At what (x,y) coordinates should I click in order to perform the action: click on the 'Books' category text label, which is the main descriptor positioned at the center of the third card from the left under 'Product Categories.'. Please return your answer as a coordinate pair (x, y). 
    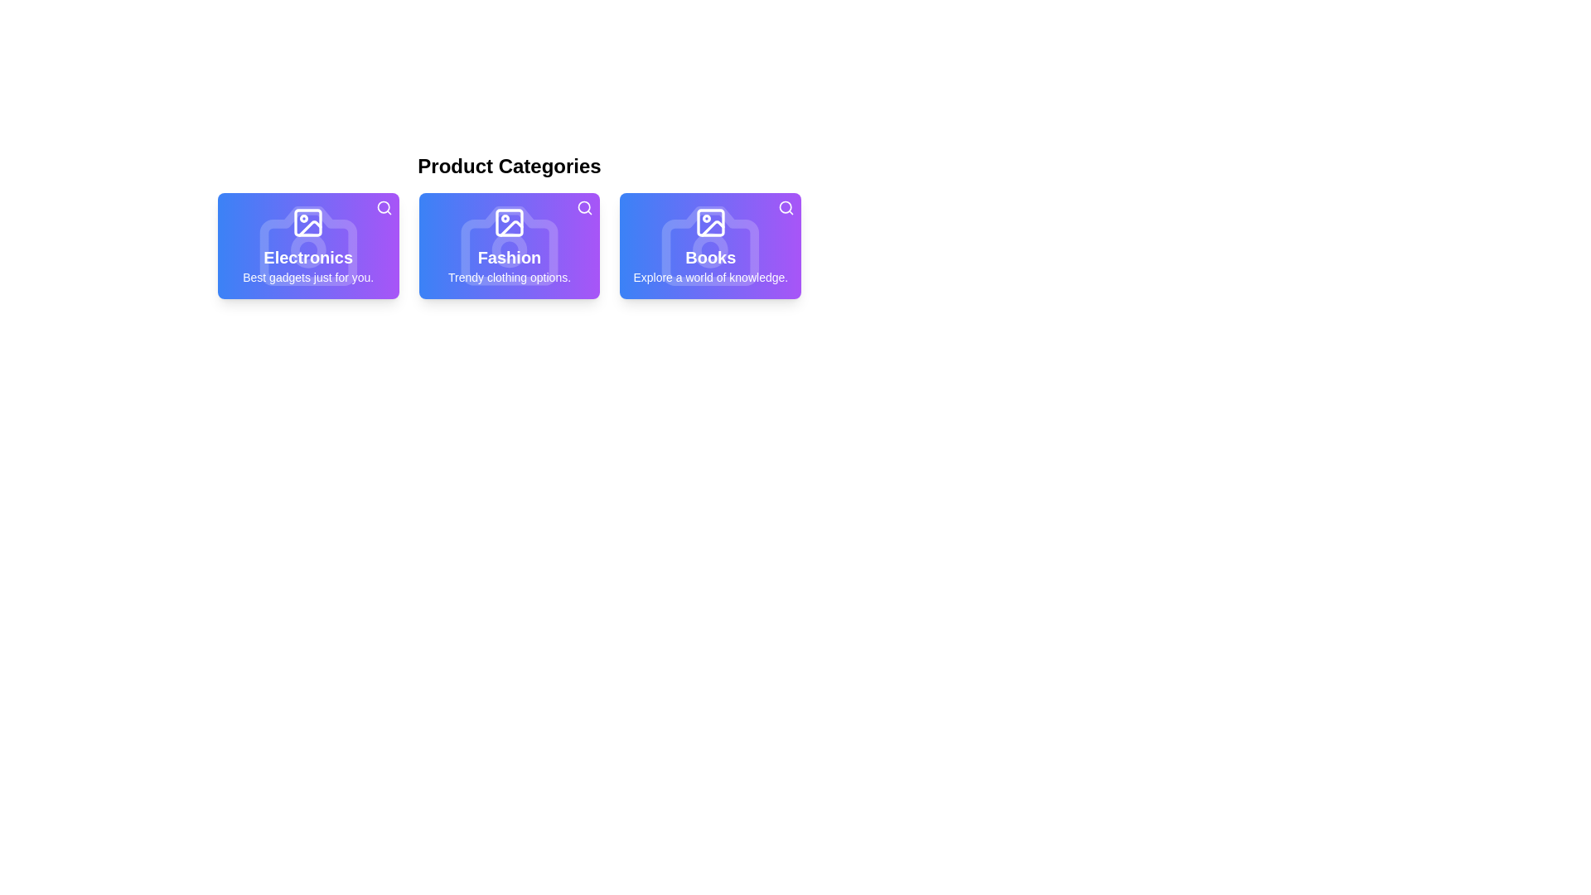
    Looking at the image, I should click on (710, 258).